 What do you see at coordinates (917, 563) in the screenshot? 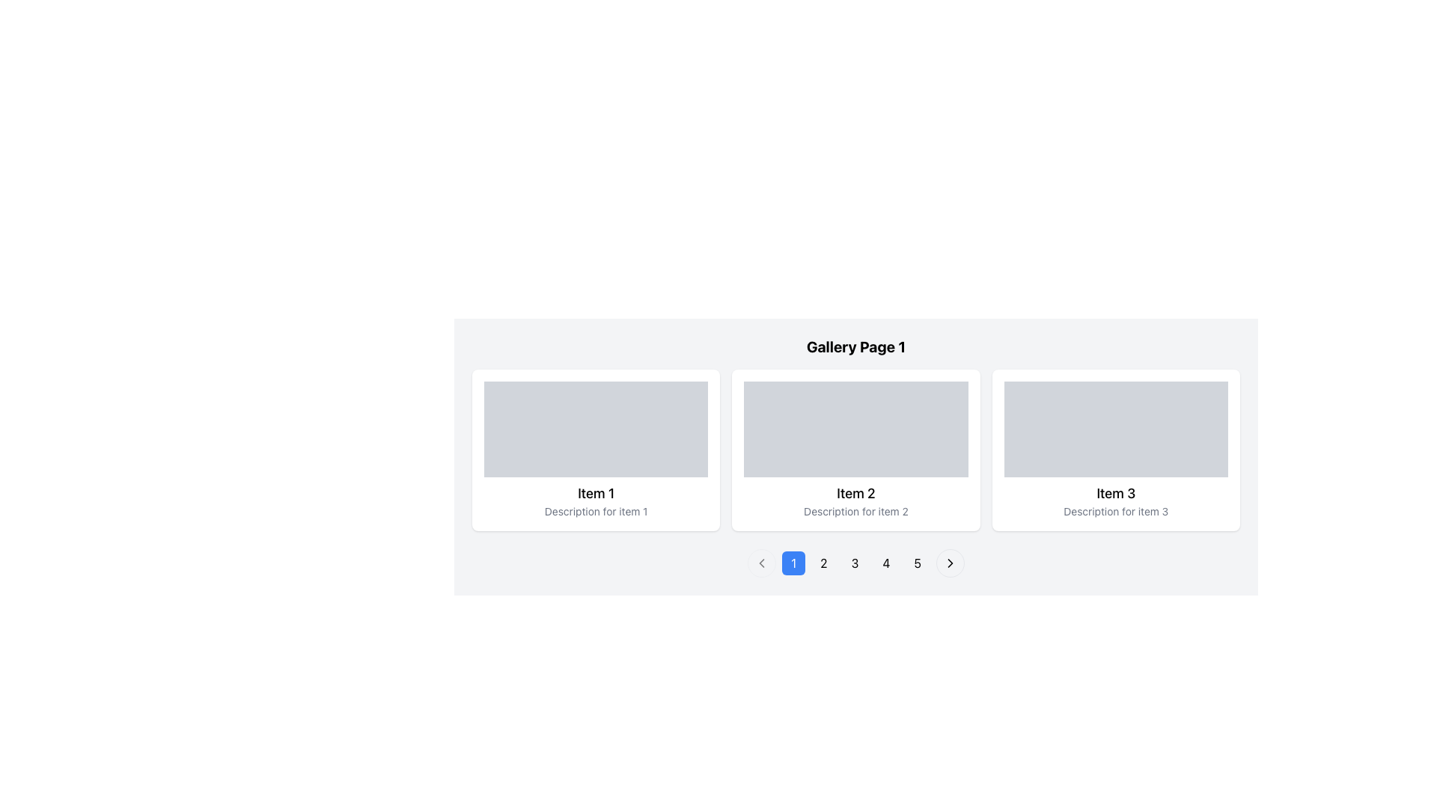
I see `the numeric button displaying the number '5'` at bounding box center [917, 563].